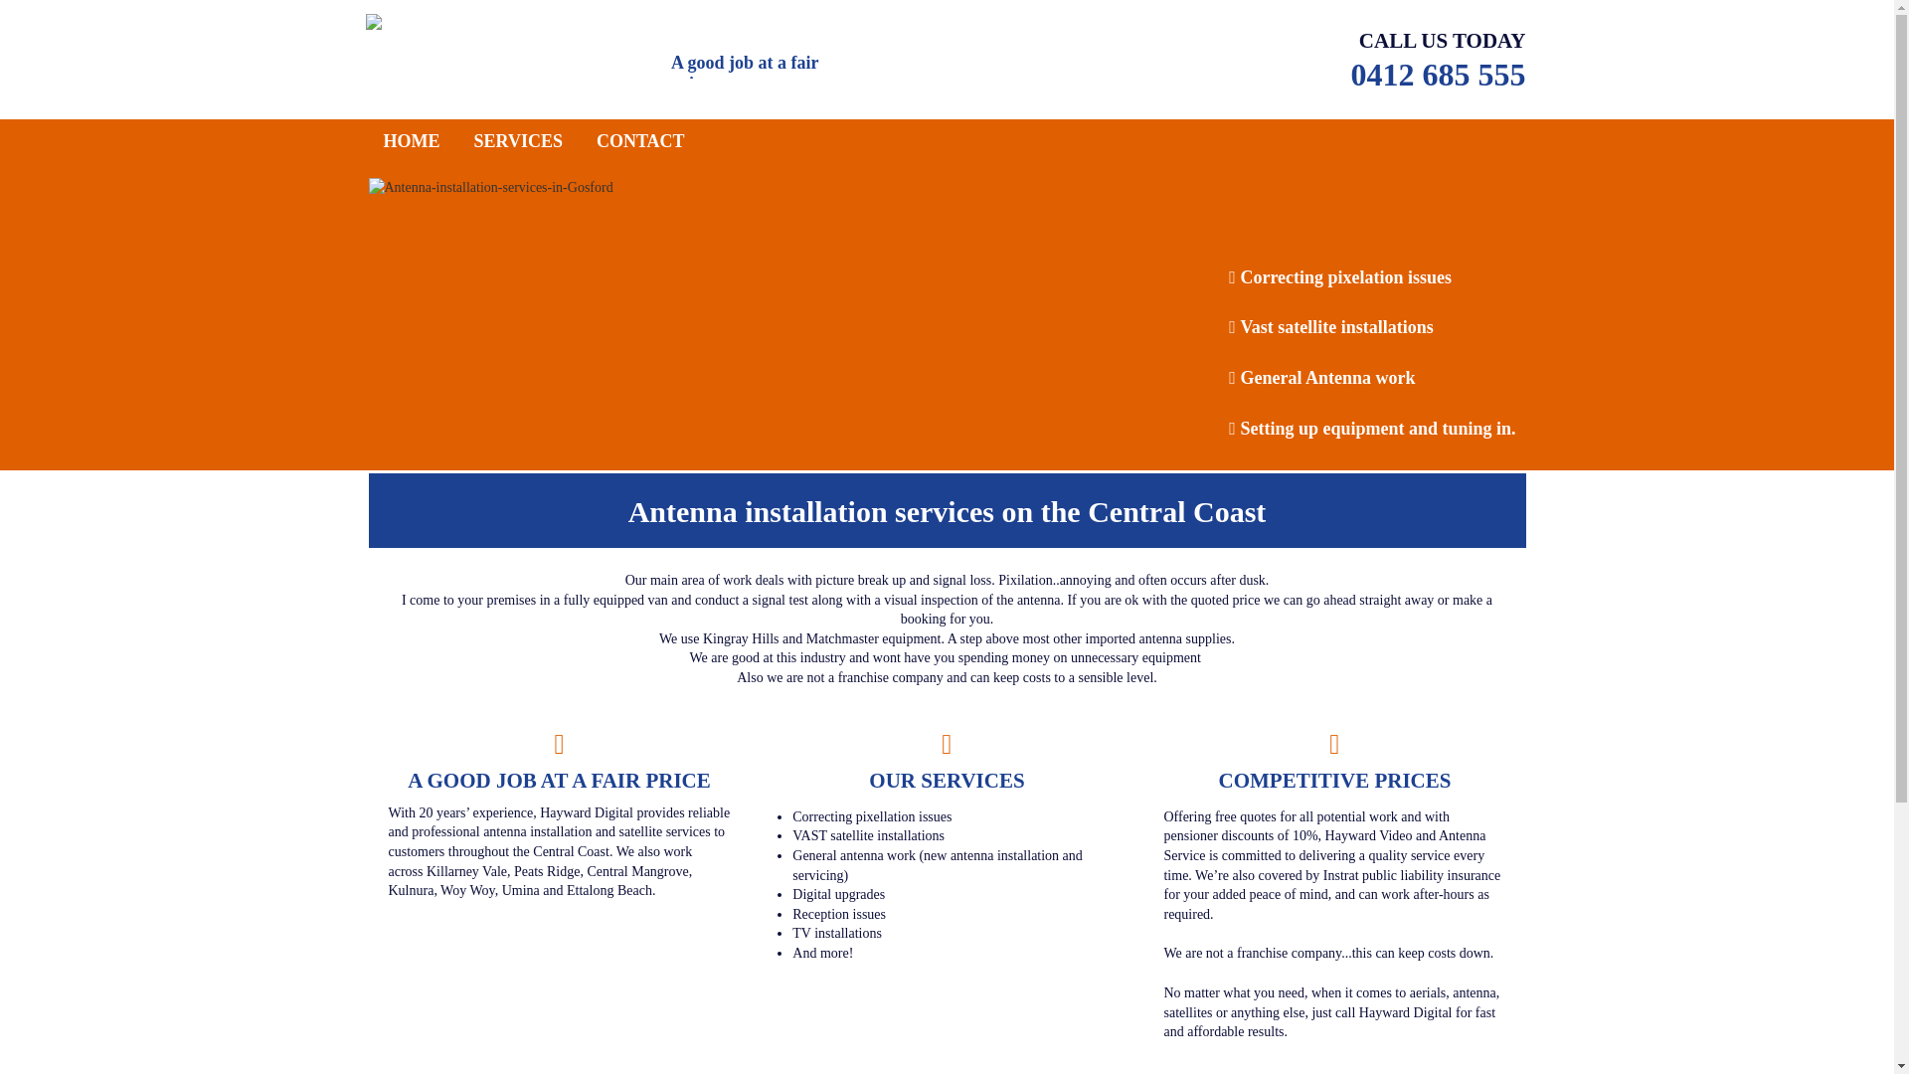  Describe the element at coordinates (640, 140) in the screenshot. I see `'CONTACT'` at that location.